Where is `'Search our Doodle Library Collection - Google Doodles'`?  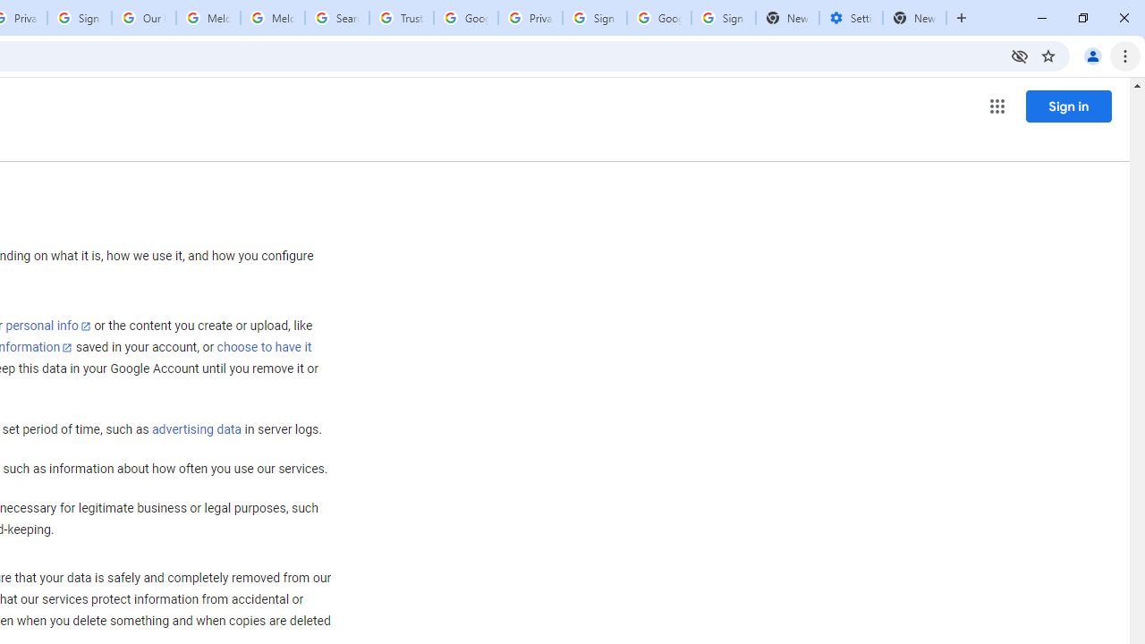 'Search our Doodle Library Collection - Google Doodles' is located at coordinates (336, 18).